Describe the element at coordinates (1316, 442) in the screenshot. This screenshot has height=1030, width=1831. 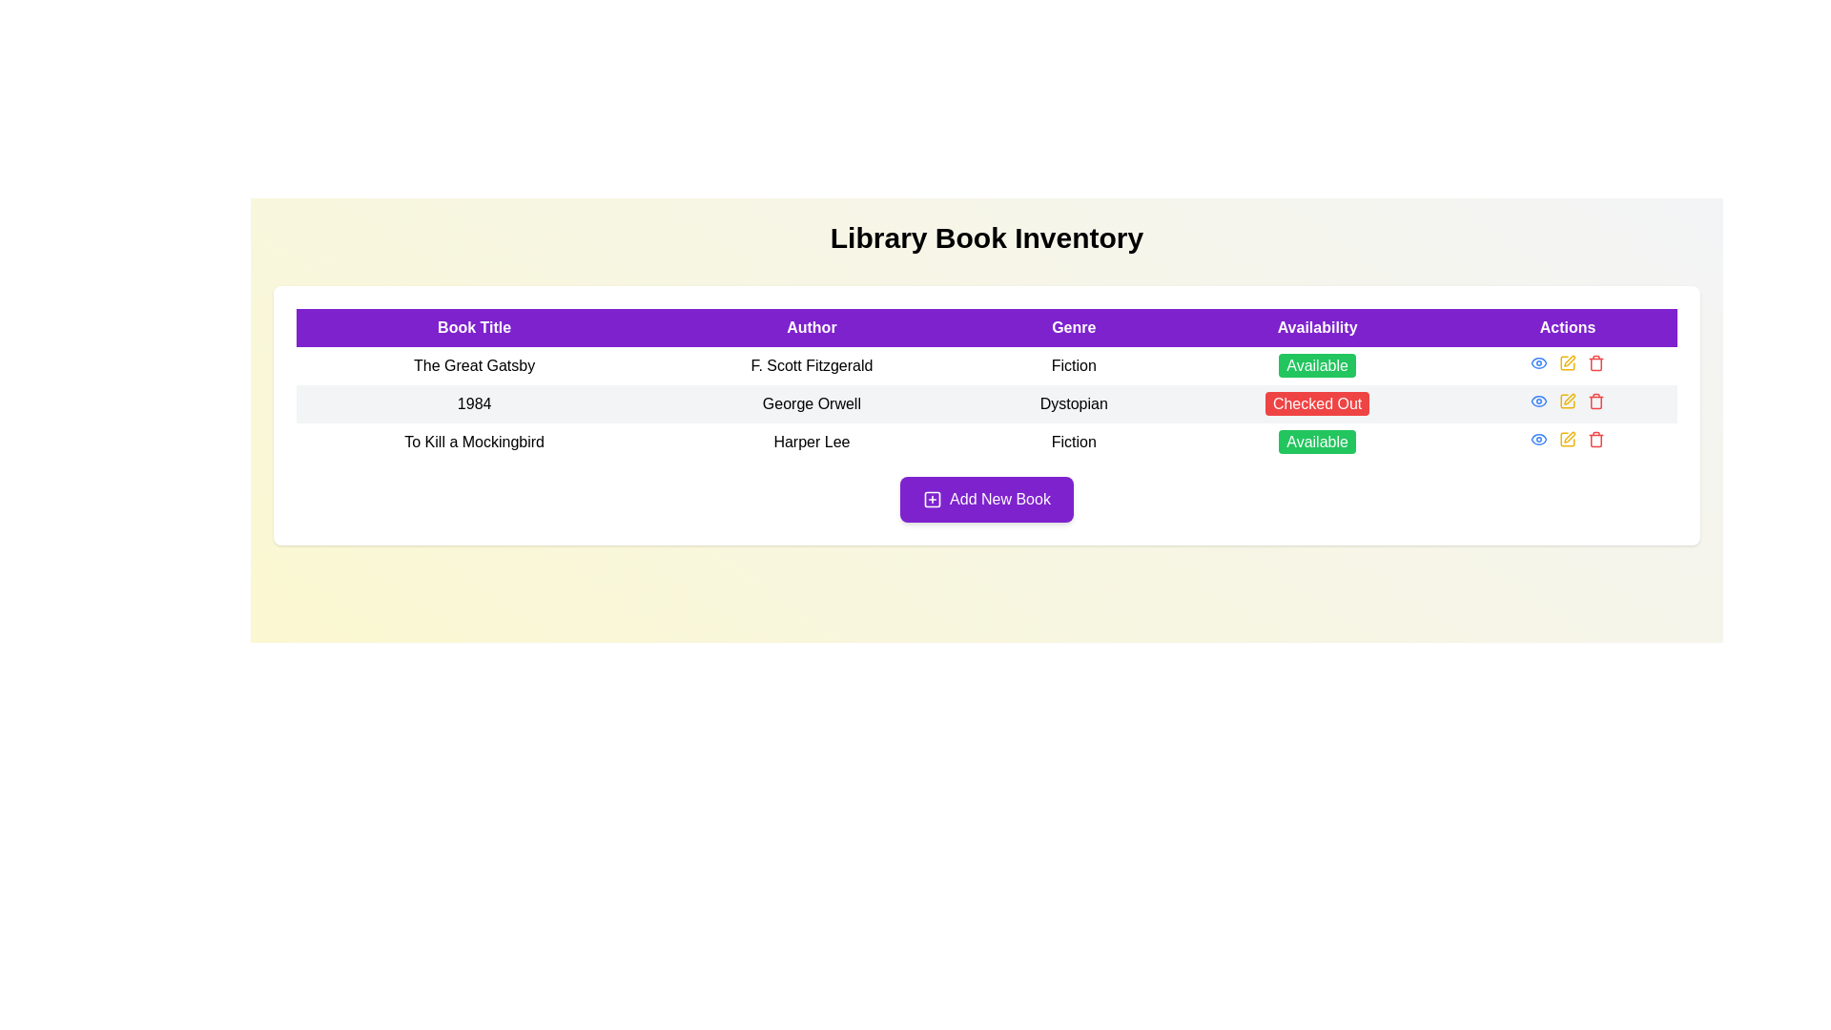
I see `the Status badge labeled 'Available' in white font on a green background, located in the Availability column of the row for 'To Kill a Mockingbird' by Harper Lee` at that location.